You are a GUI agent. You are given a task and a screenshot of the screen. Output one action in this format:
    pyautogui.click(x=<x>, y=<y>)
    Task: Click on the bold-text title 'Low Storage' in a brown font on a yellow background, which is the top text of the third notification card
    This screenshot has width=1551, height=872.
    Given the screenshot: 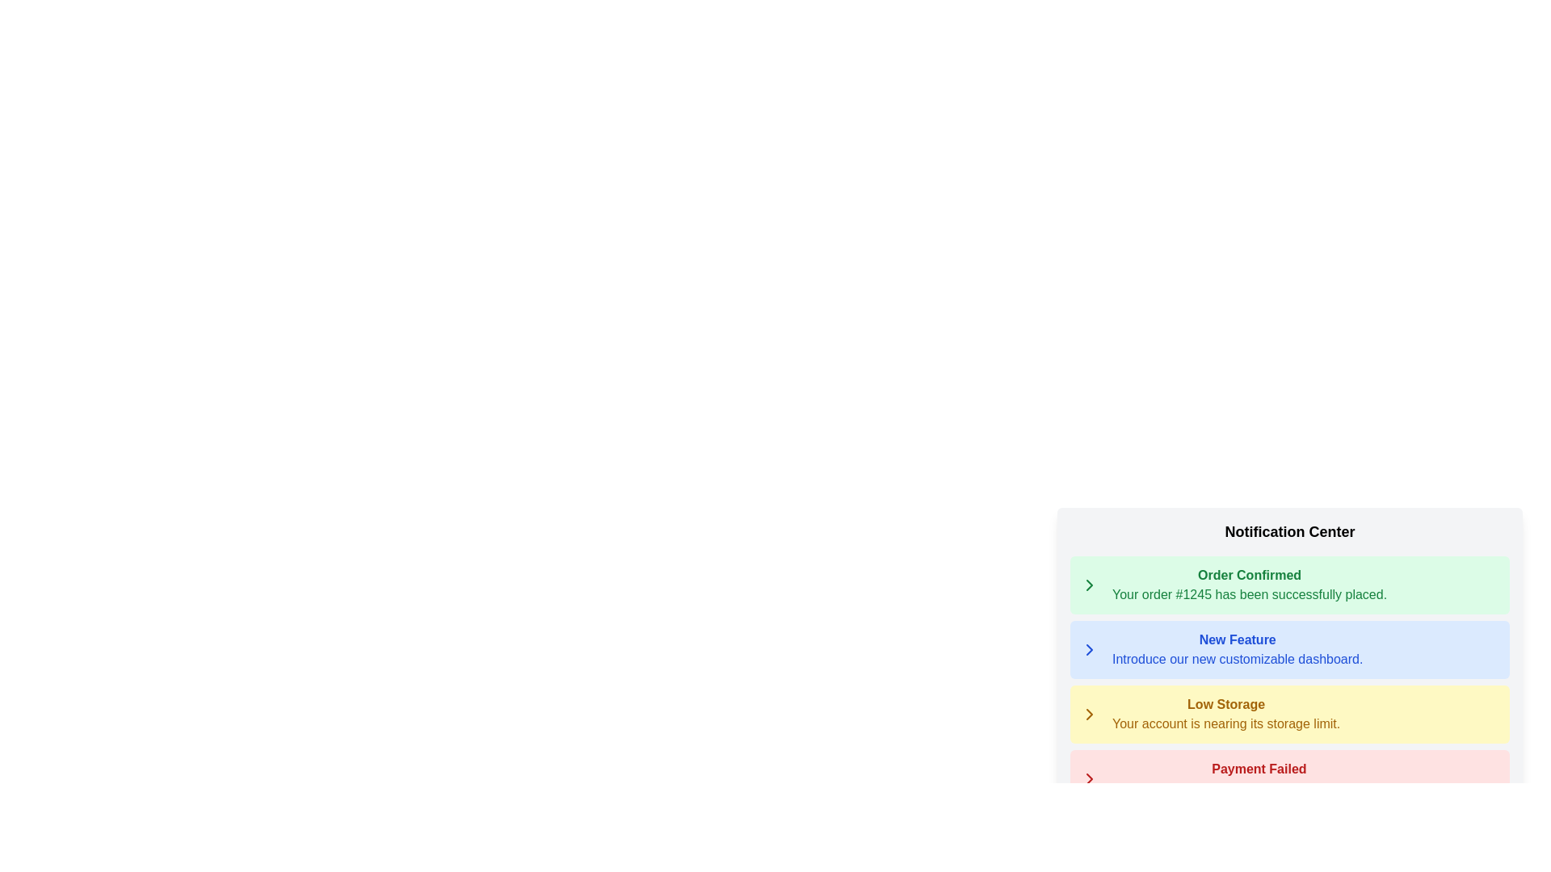 What is the action you would take?
    pyautogui.click(x=1226, y=703)
    